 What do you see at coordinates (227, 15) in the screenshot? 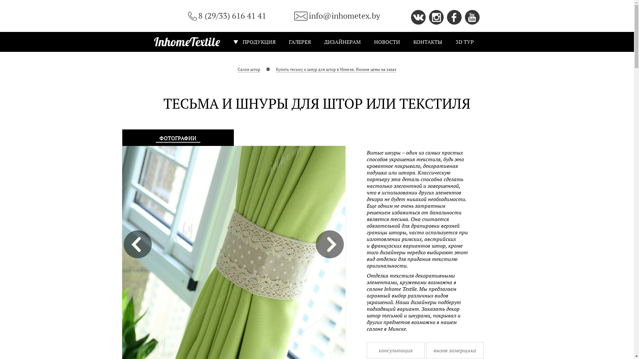
I see `'8 (29/33) 616 41 41'` at bounding box center [227, 15].